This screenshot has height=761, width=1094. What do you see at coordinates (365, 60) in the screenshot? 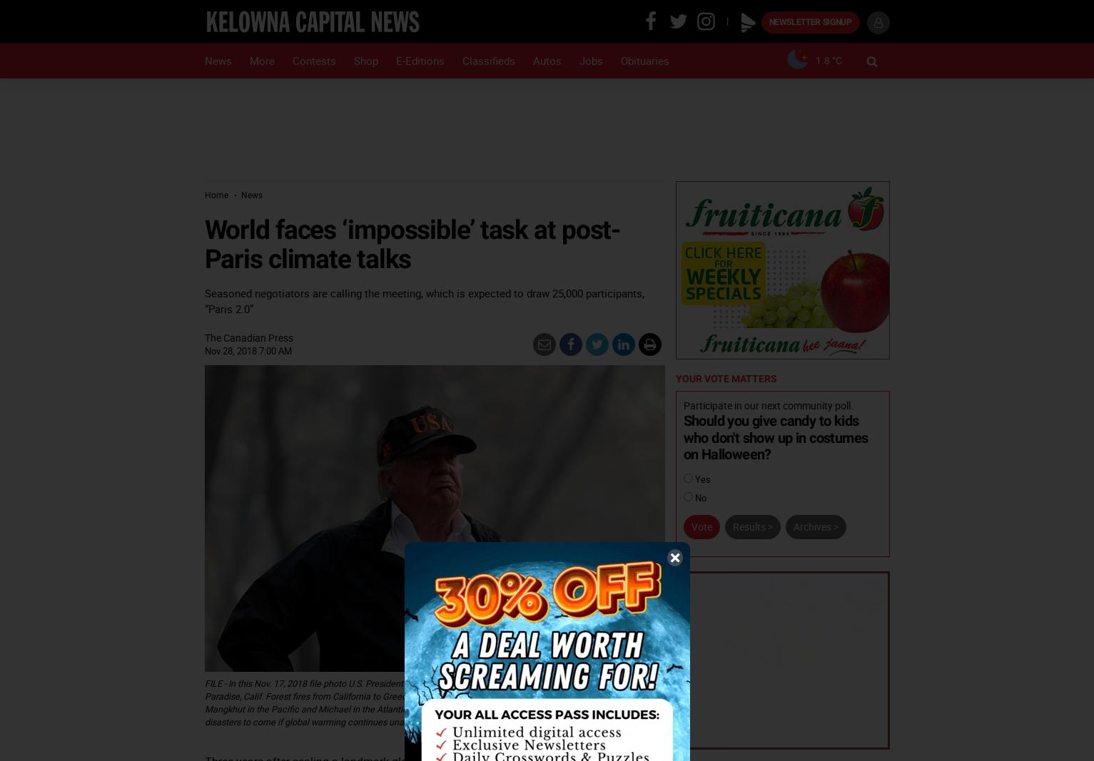
I see `'Shop'` at bounding box center [365, 60].